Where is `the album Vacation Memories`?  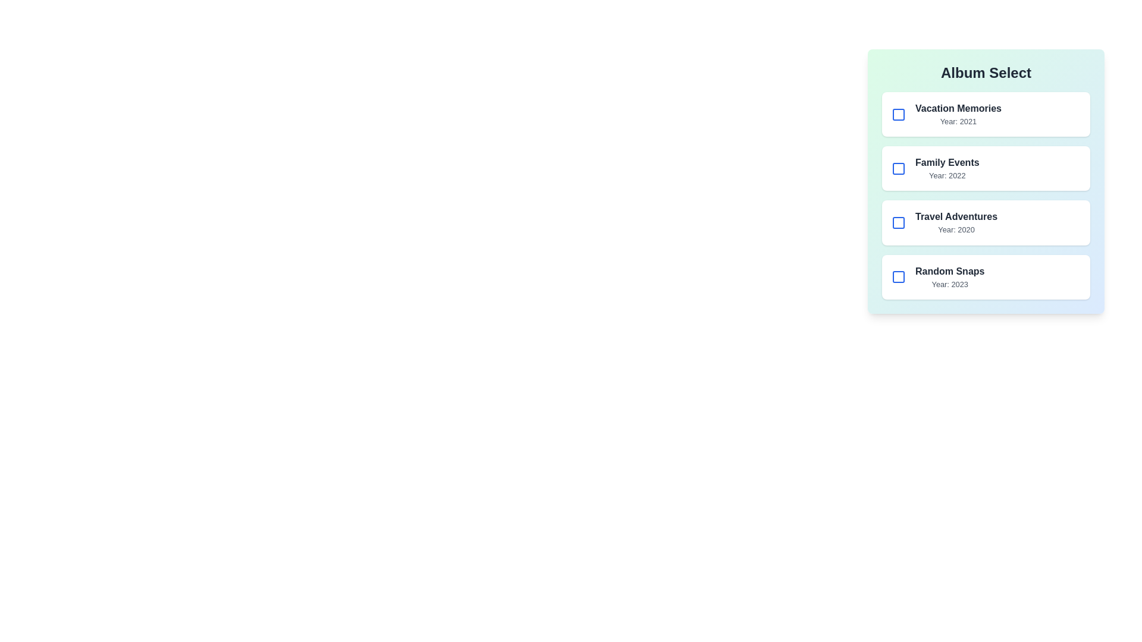
the album Vacation Memories is located at coordinates (899, 114).